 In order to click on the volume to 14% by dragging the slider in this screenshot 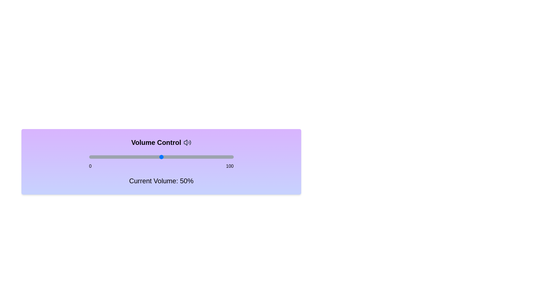, I will do `click(109, 157)`.